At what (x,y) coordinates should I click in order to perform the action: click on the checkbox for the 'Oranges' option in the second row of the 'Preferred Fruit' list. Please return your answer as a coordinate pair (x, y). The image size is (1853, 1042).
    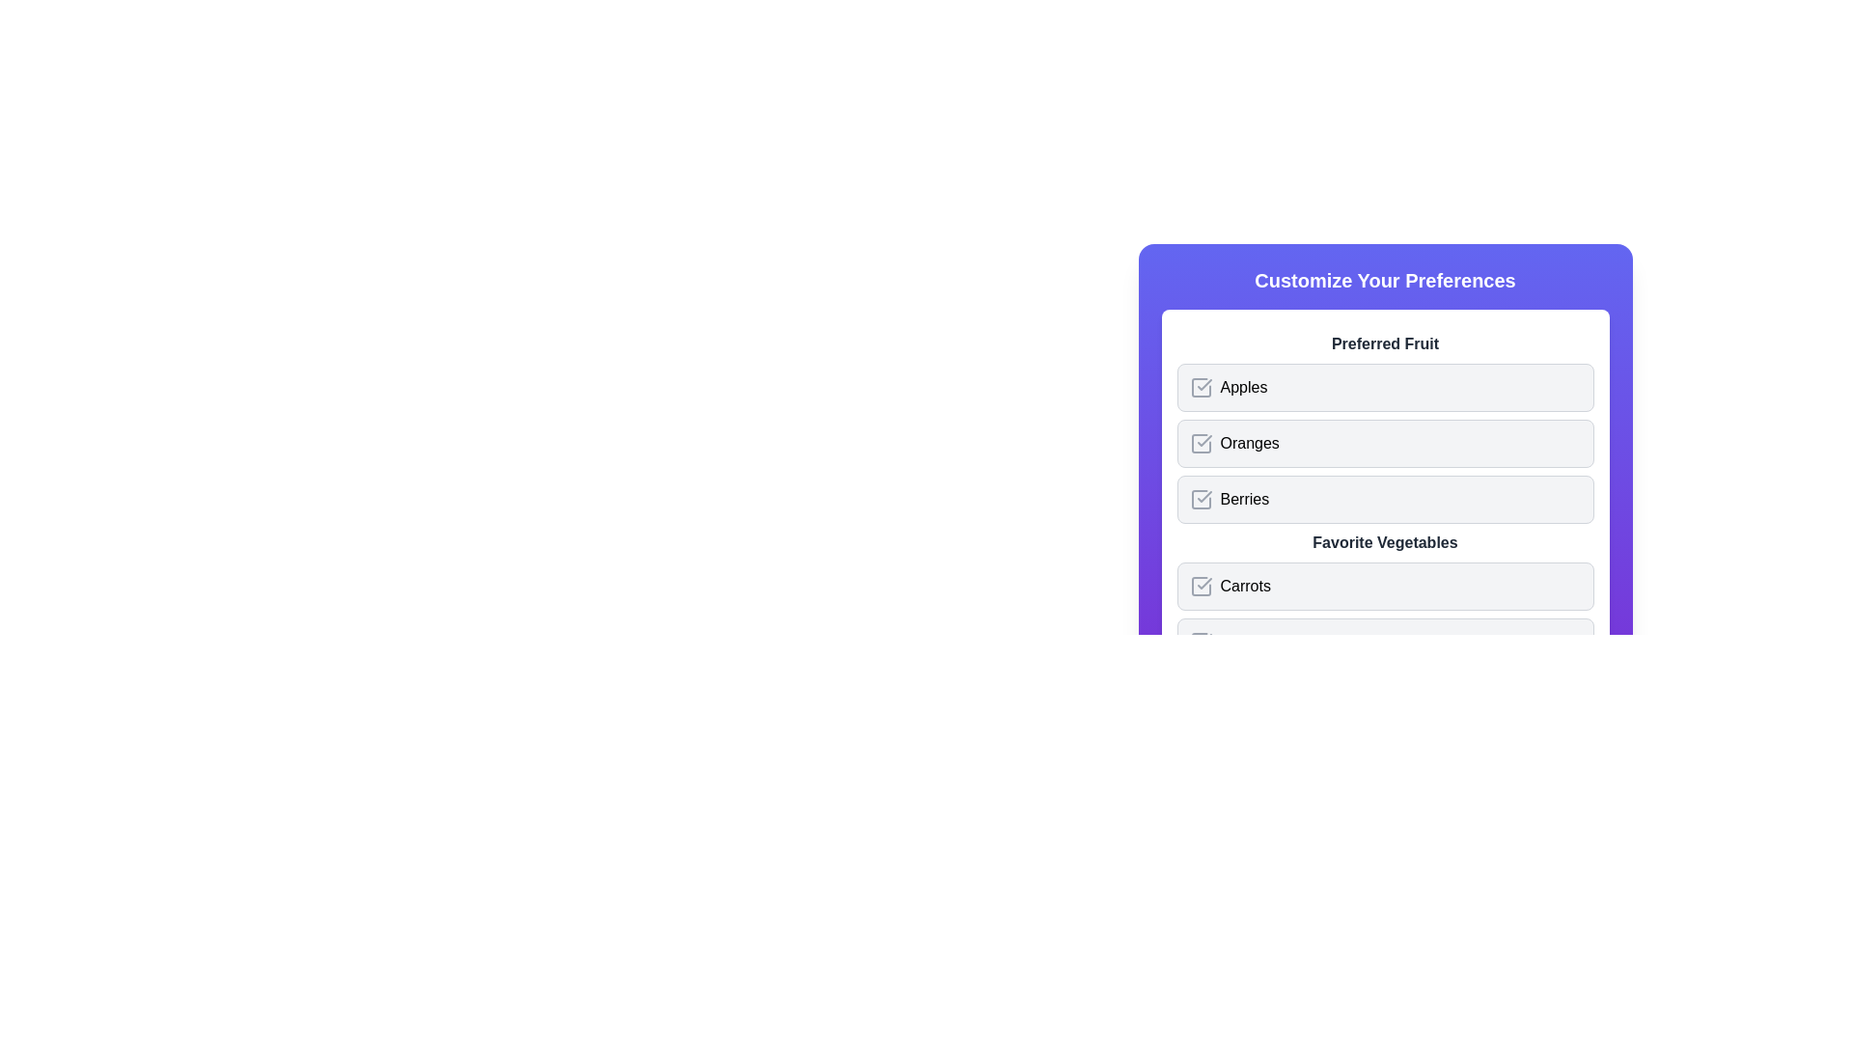
    Looking at the image, I should click on (1384, 443).